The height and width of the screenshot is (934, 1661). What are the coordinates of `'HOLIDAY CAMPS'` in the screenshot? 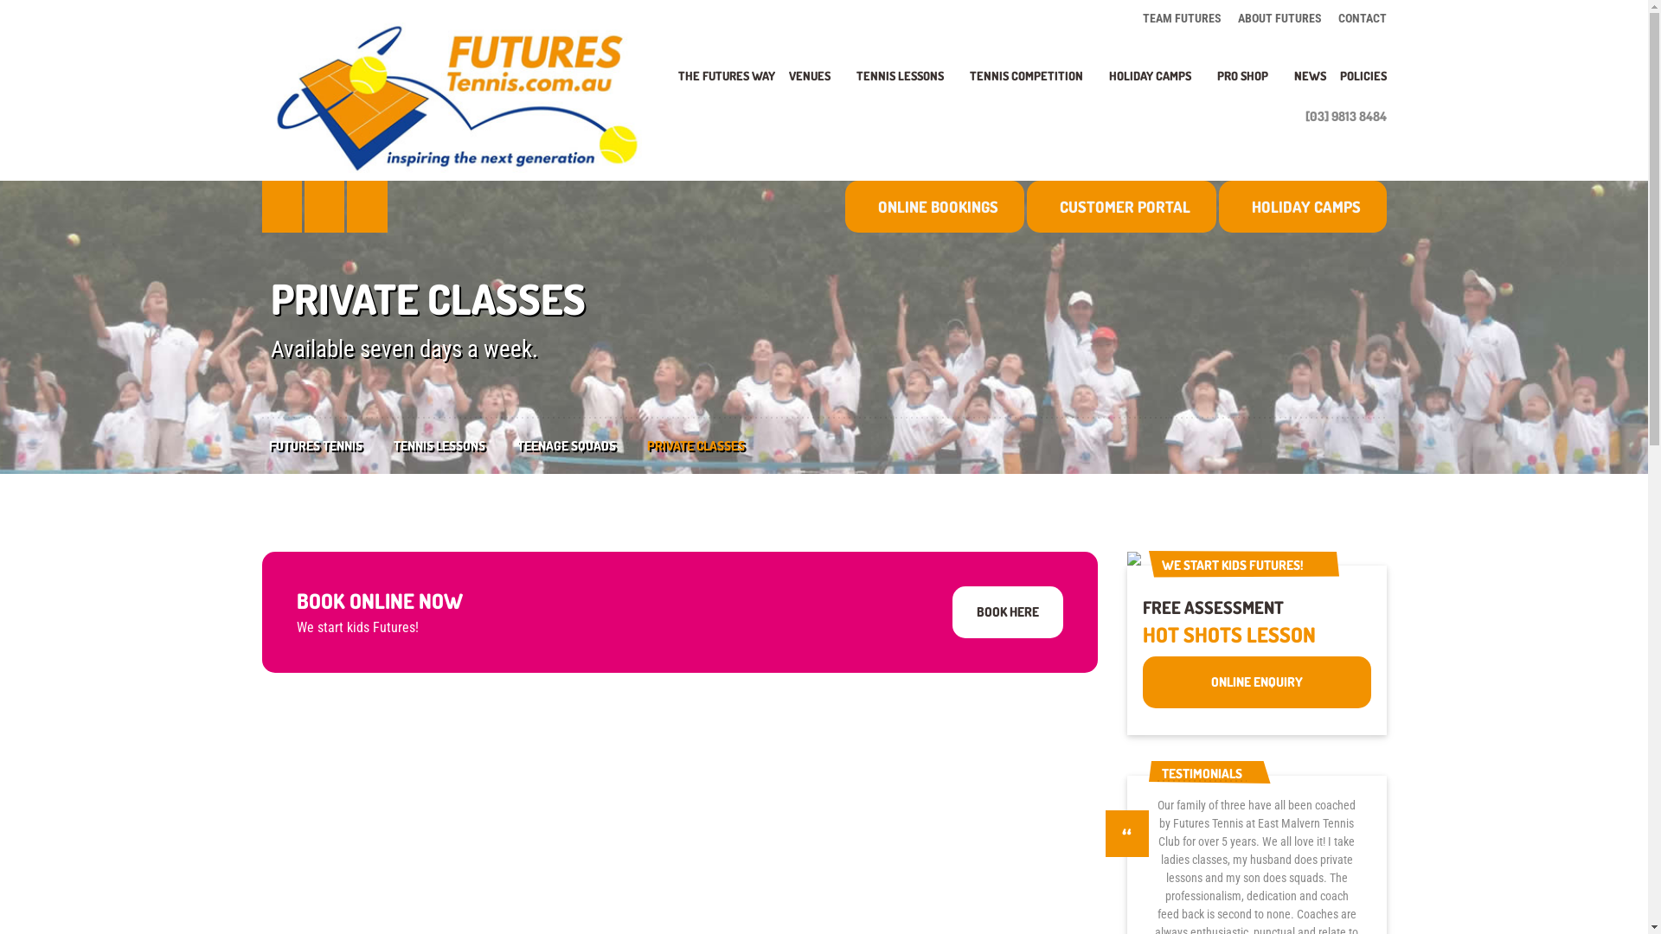 It's located at (1303, 206).